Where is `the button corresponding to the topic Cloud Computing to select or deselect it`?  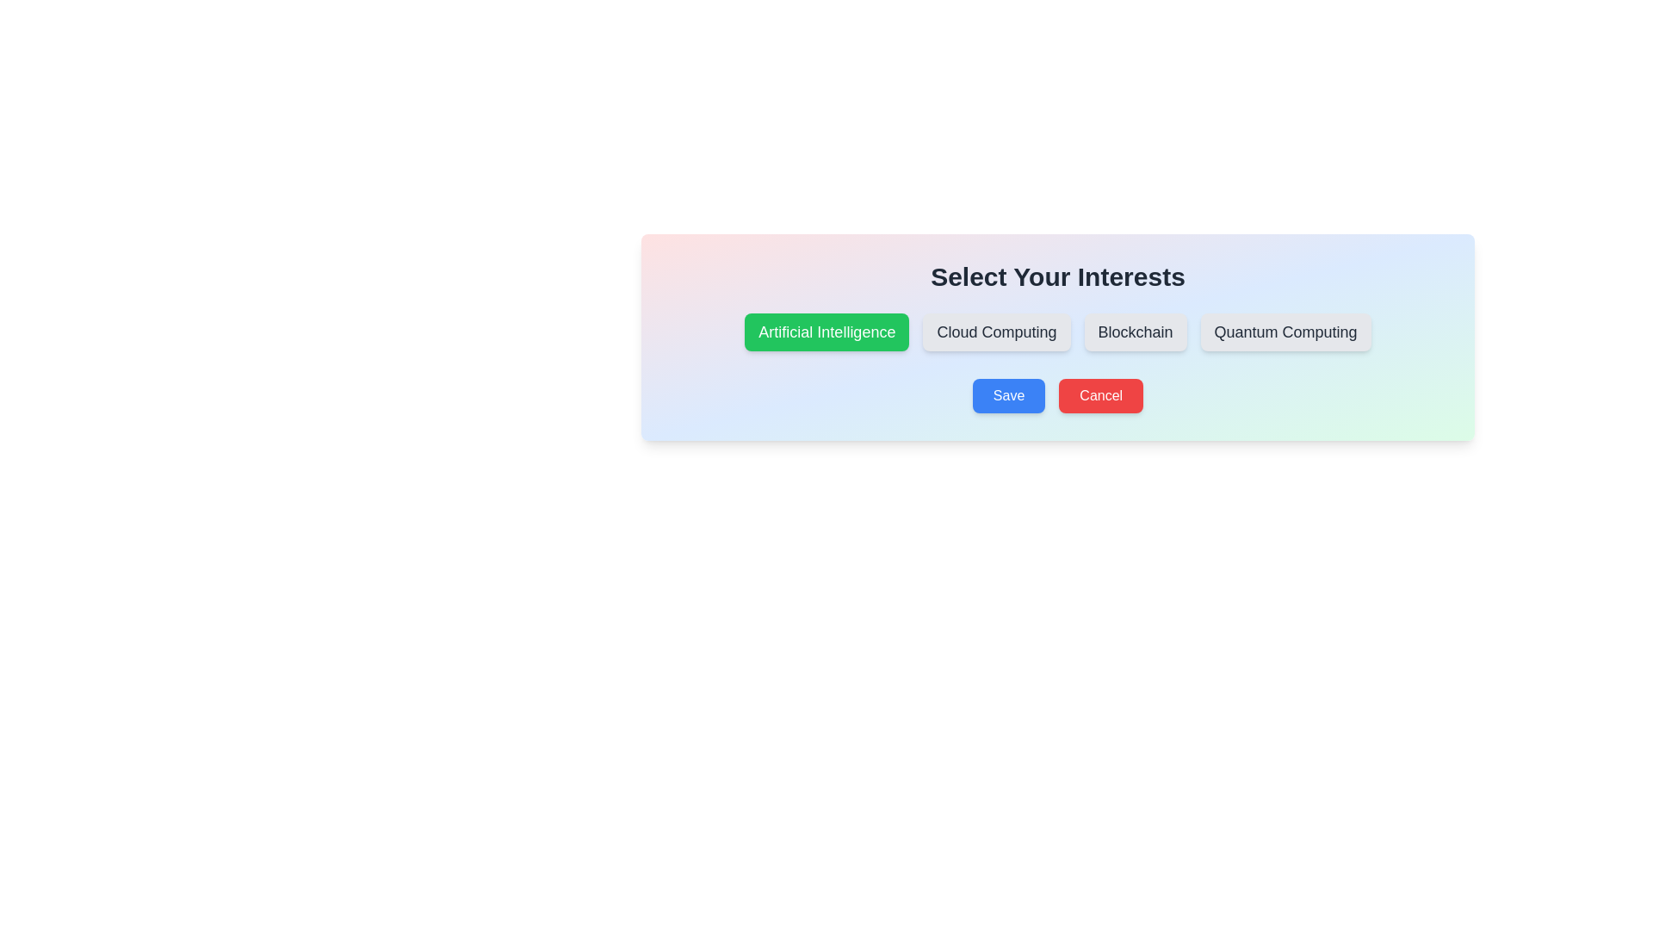 the button corresponding to the topic Cloud Computing to select or deselect it is located at coordinates (996, 332).